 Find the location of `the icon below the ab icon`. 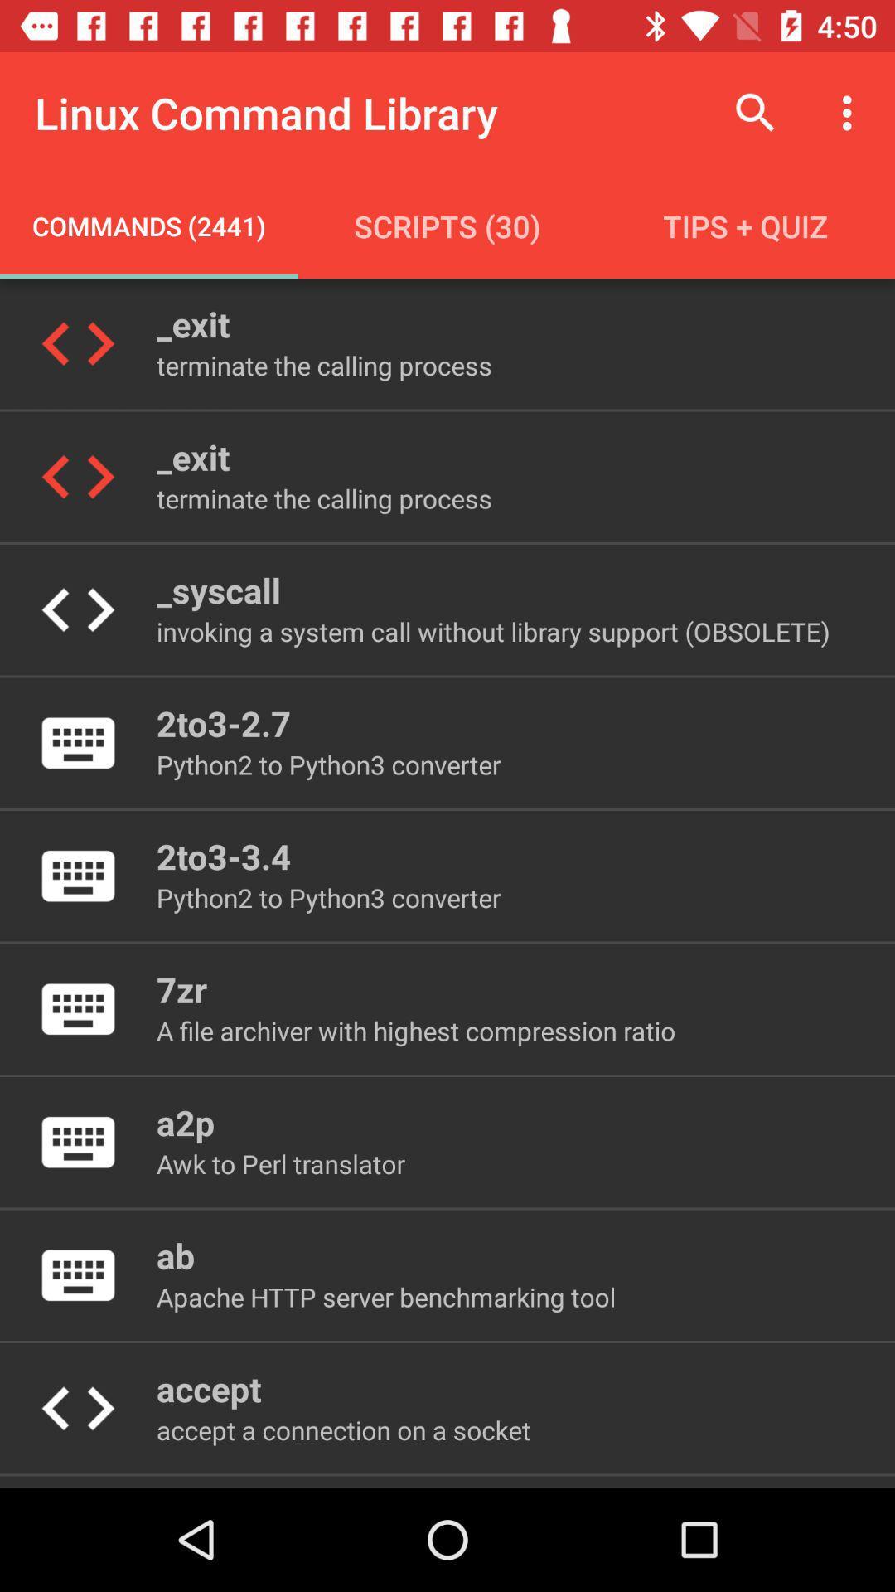

the icon below the ab icon is located at coordinates (386, 1296).